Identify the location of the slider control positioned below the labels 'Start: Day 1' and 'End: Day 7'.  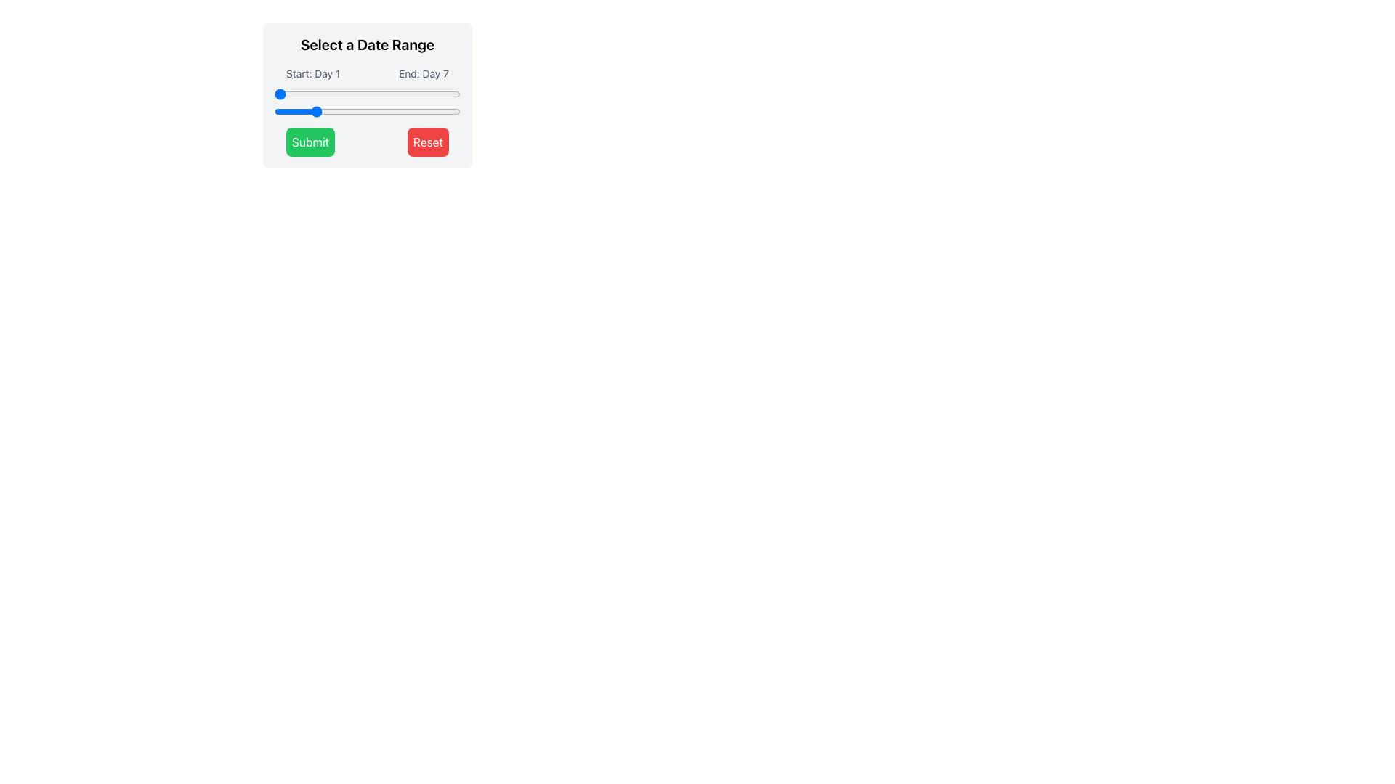
(367, 103).